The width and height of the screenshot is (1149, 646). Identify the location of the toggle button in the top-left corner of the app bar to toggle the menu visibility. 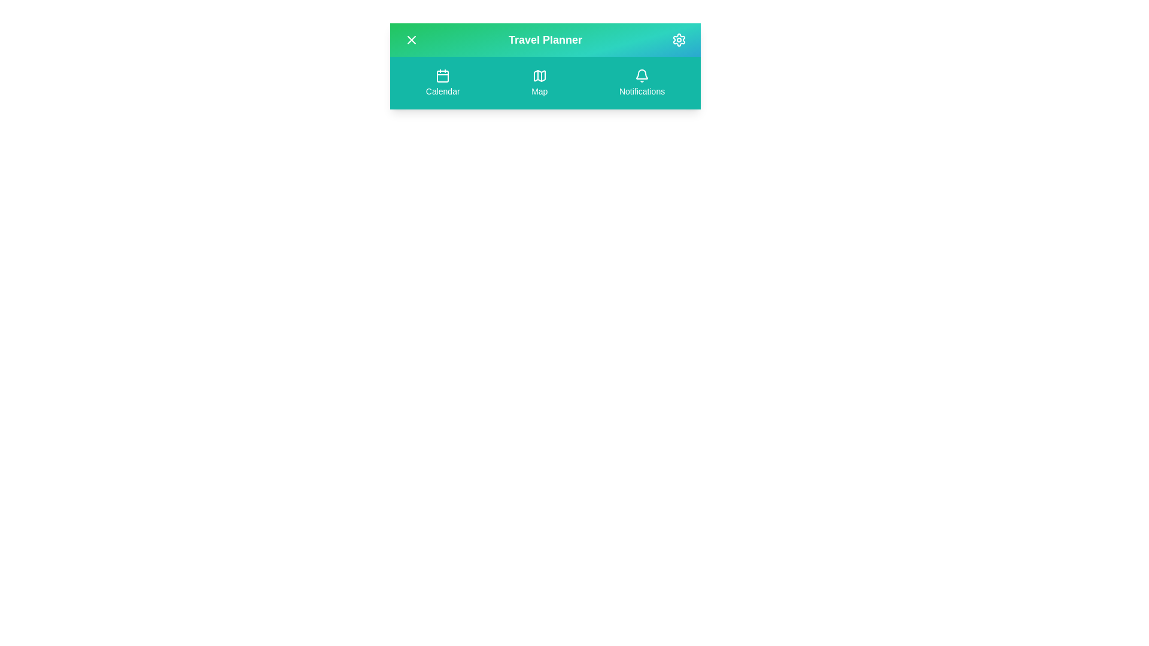
(411, 39).